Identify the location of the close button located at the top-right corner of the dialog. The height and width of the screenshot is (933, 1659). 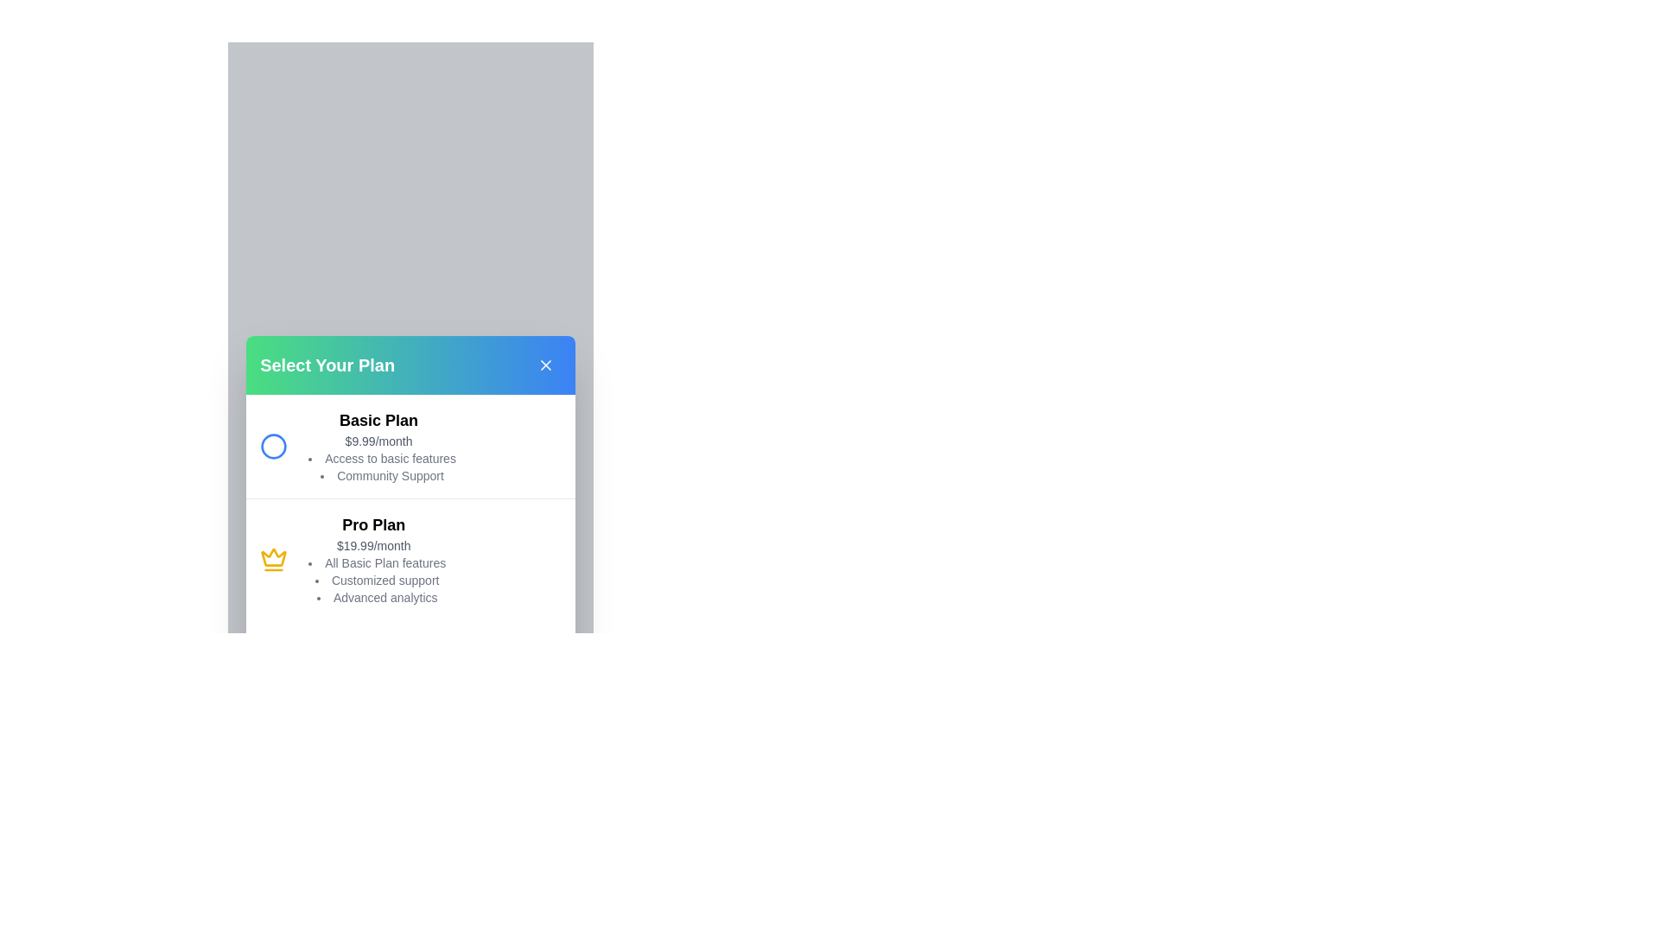
(544, 364).